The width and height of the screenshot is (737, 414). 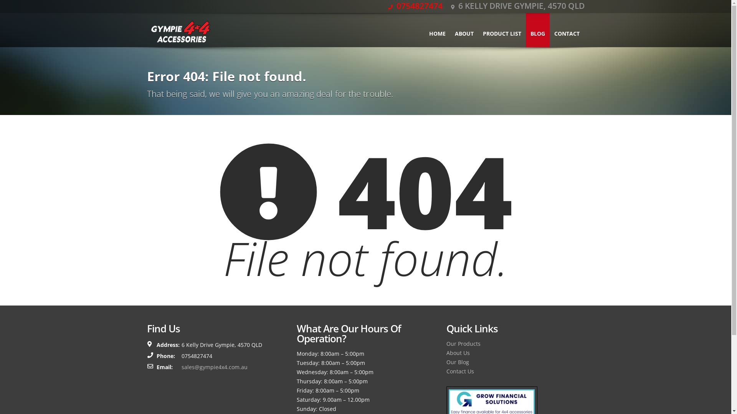 I want to click on '6 KELLY DRIVE GYMPIE, 4570 QLD', so click(x=517, y=6).